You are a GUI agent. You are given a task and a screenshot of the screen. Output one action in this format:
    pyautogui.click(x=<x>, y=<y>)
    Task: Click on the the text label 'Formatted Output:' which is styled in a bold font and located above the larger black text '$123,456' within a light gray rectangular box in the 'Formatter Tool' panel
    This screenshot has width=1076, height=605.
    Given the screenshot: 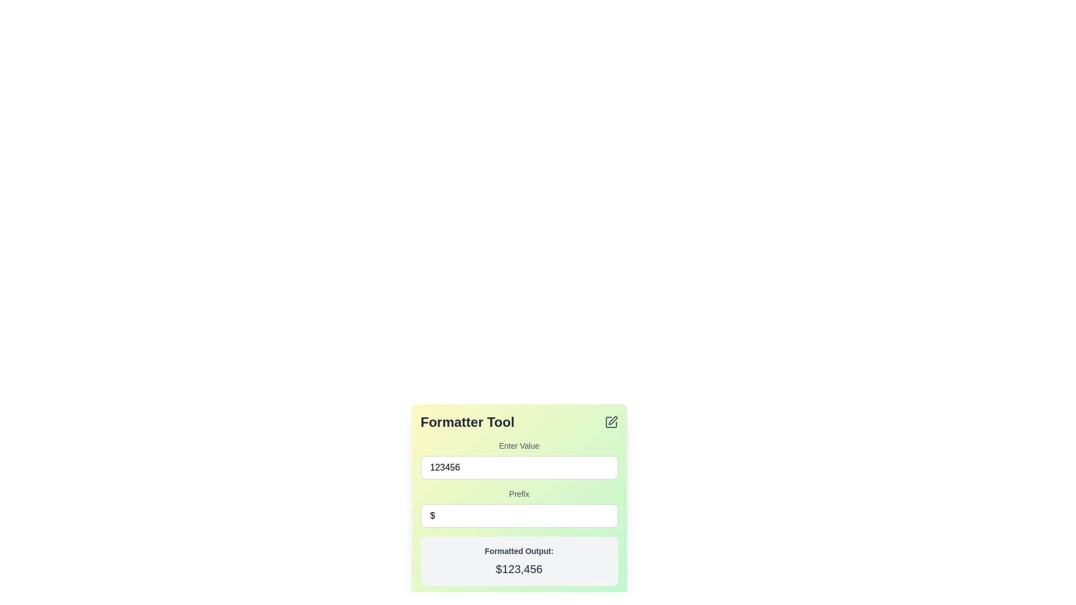 What is the action you would take?
    pyautogui.click(x=518, y=550)
    